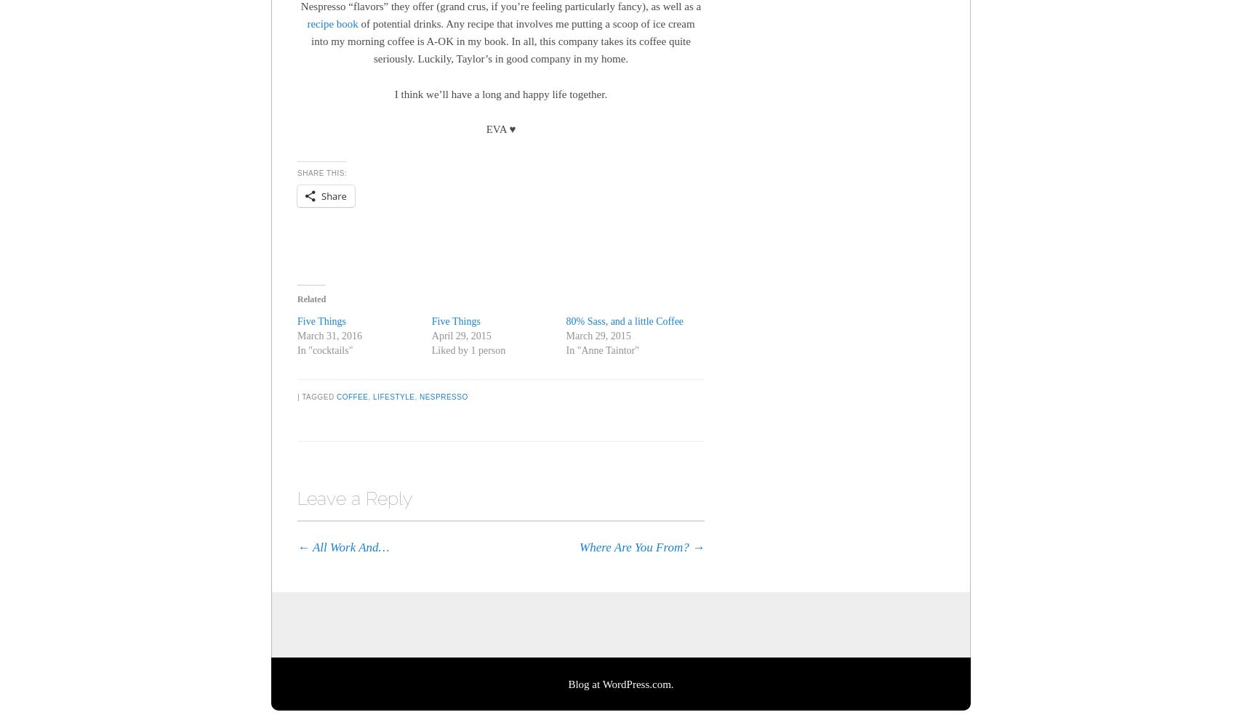 The height and width of the screenshot is (728, 1242). Describe the element at coordinates (636, 546) in the screenshot. I see `'Where Are You From?'` at that location.